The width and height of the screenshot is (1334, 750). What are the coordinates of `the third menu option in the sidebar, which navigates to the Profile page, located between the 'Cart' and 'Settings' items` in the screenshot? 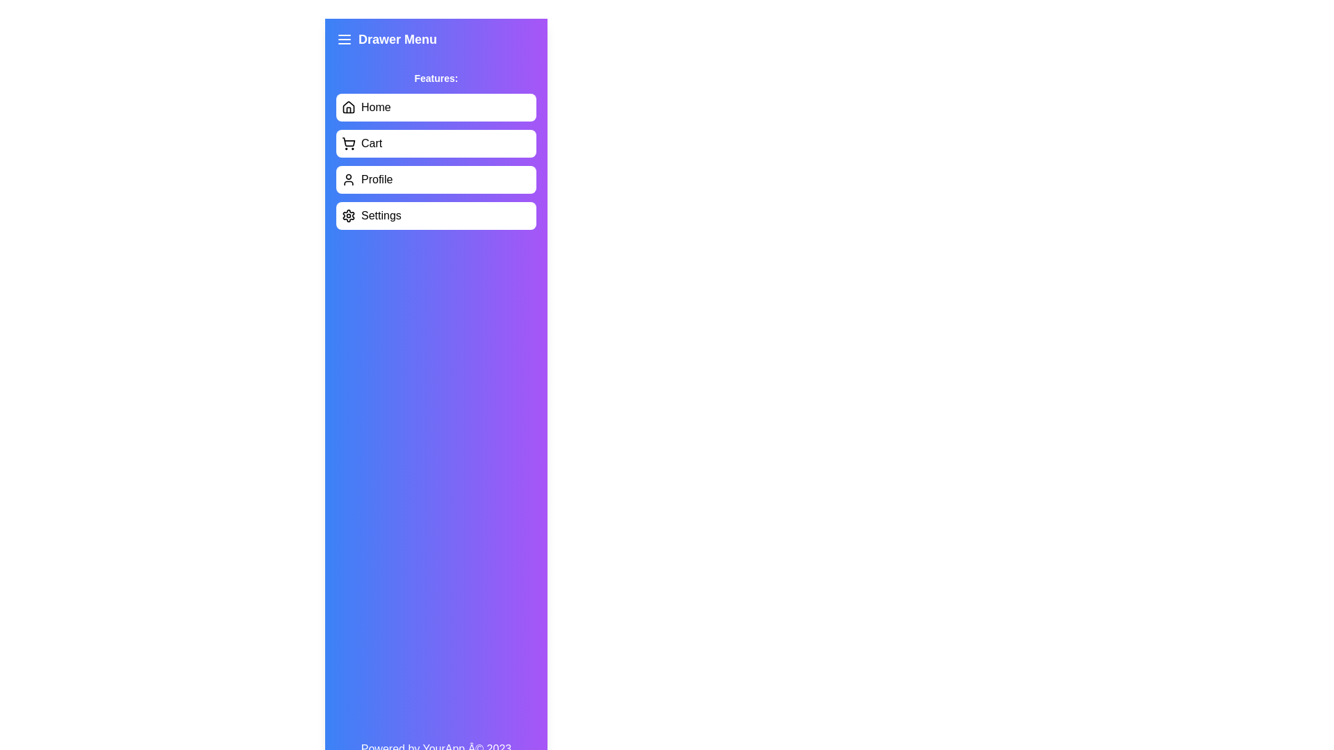 It's located at (436, 178).